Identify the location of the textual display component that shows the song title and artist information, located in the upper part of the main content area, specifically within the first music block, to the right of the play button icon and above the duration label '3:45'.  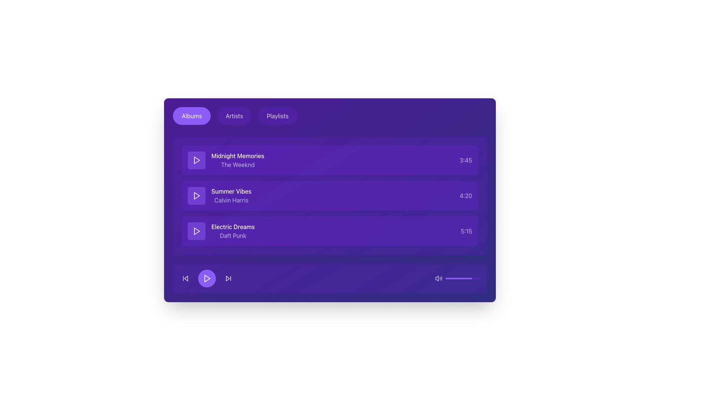
(226, 160).